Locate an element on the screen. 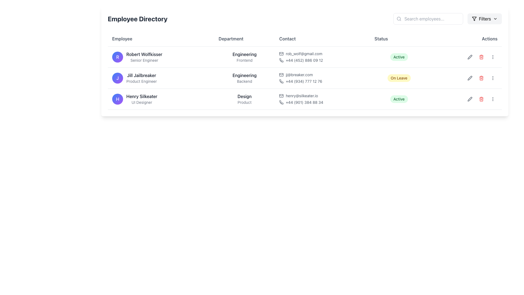  the visual indicator icon (dot) located to the right of the 'On Leave' status in the second row of the table is located at coordinates (465, 78).